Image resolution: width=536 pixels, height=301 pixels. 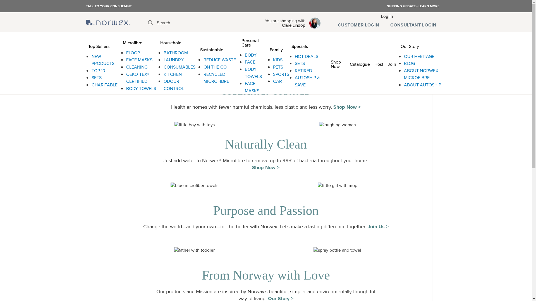 What do you see at coordinates (278, 67) in the screenshot?
I see `'PETS'` at bounding box center [278, 67].